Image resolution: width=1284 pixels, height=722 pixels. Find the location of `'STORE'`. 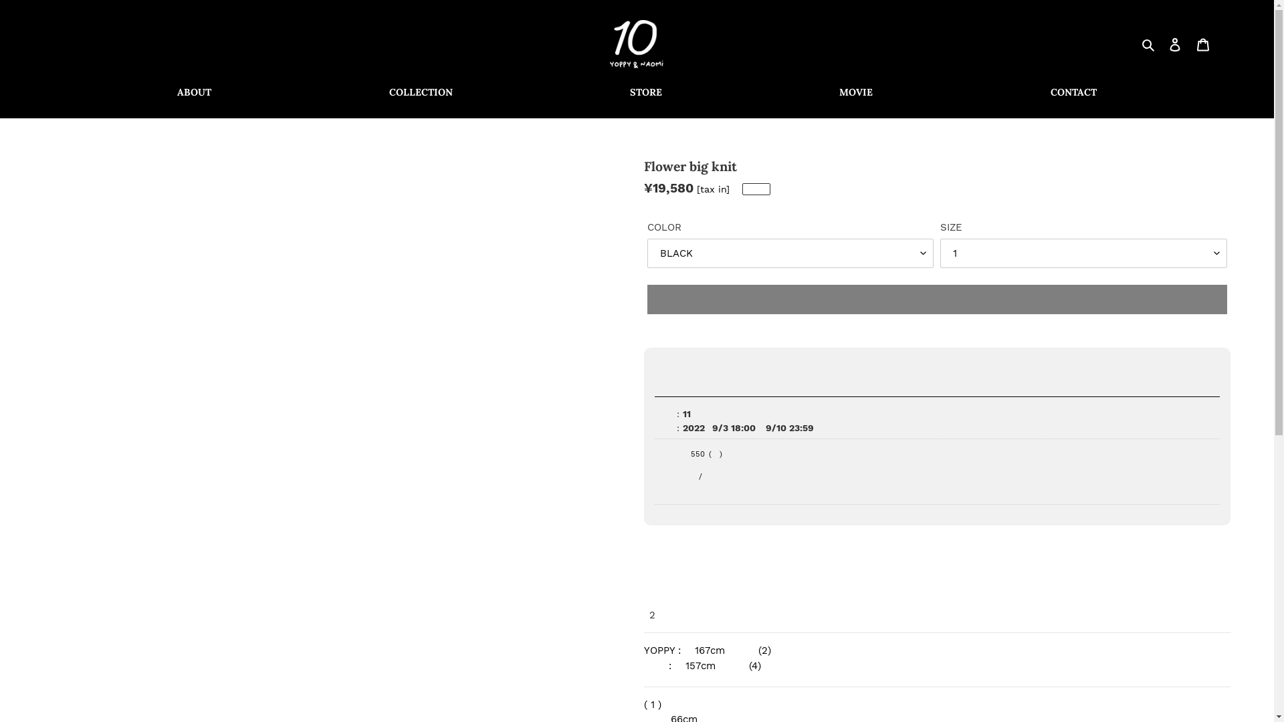

'STORE' is located at coordinates (645, 92).